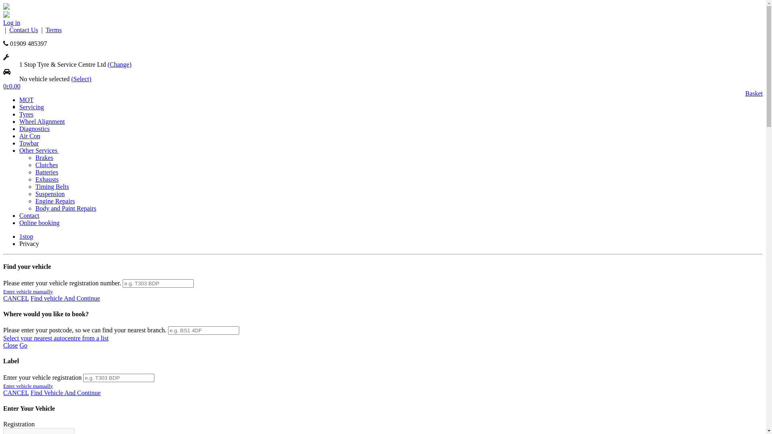  What do you see at coordinates (39, 150) in the screenshot?
I see `'Other Services '` at bounding box center [39, 150].